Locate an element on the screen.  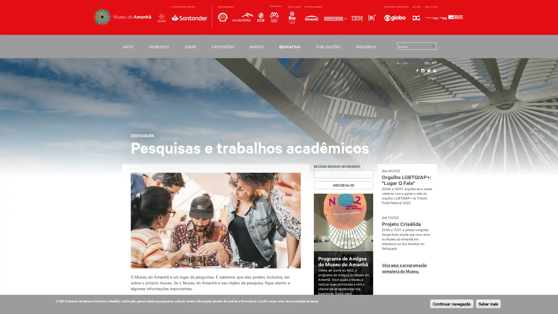
Submit is located at coordinates (433, 46).